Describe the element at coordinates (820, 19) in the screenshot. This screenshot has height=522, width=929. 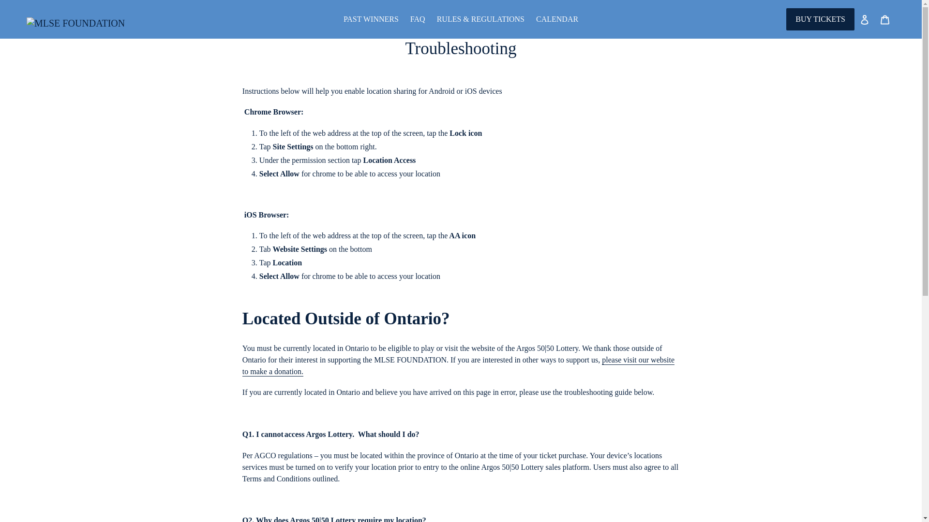
I see `'BUY TICKETS'` at that location.